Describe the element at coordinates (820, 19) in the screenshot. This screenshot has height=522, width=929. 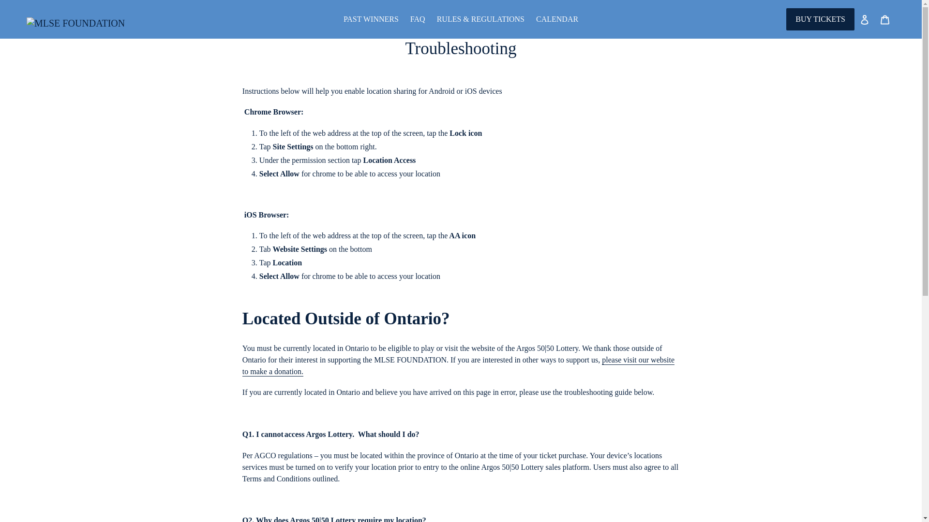
I see `'BUY TICKETS'` at that location.